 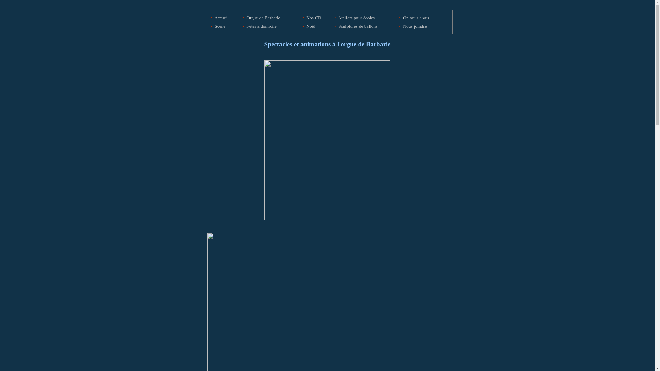 What do you see at coordinates (221, 17) in the screenshot?
I see `'Accueil'` at bounding box center [221, 17].